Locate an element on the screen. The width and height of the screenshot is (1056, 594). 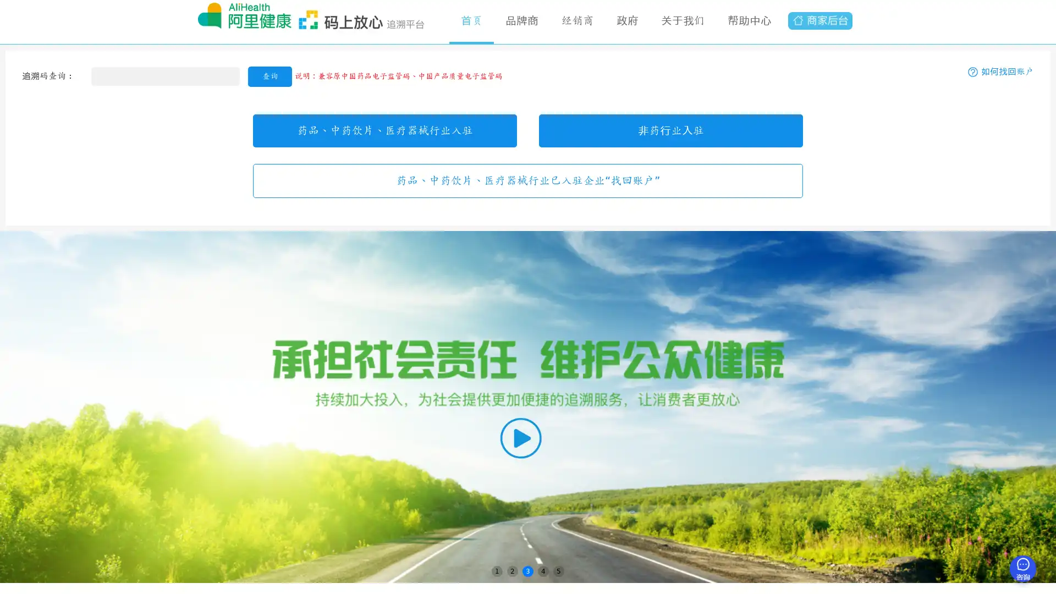
Go to slide 5 is located at coordinates (559, 570).